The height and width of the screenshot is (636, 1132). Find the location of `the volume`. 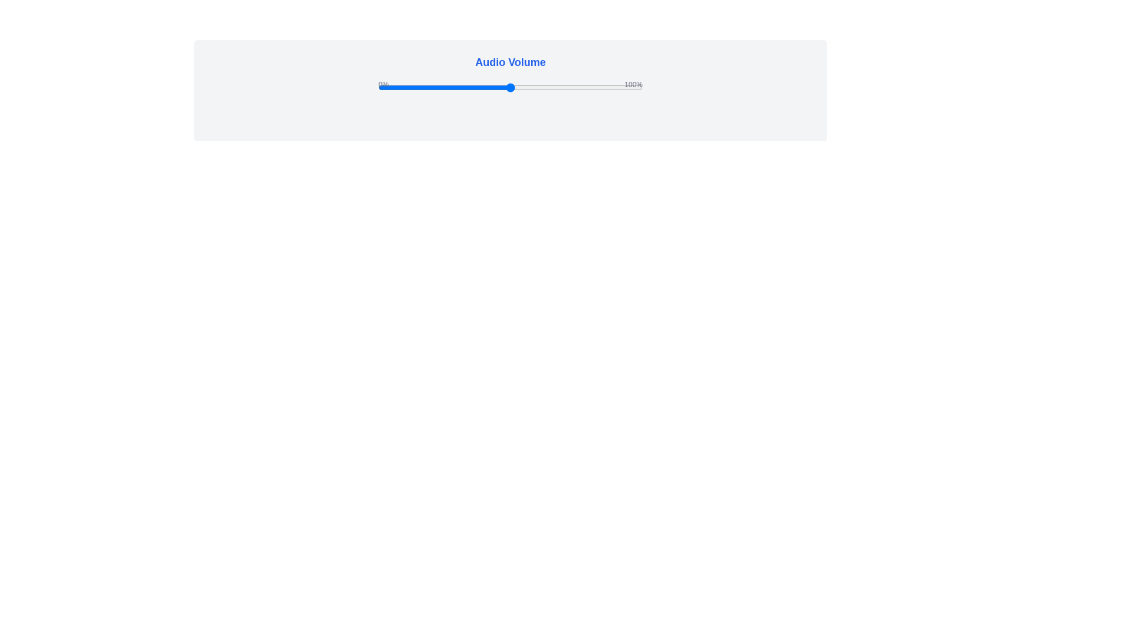

the volume is located at coordinates (430, 87).